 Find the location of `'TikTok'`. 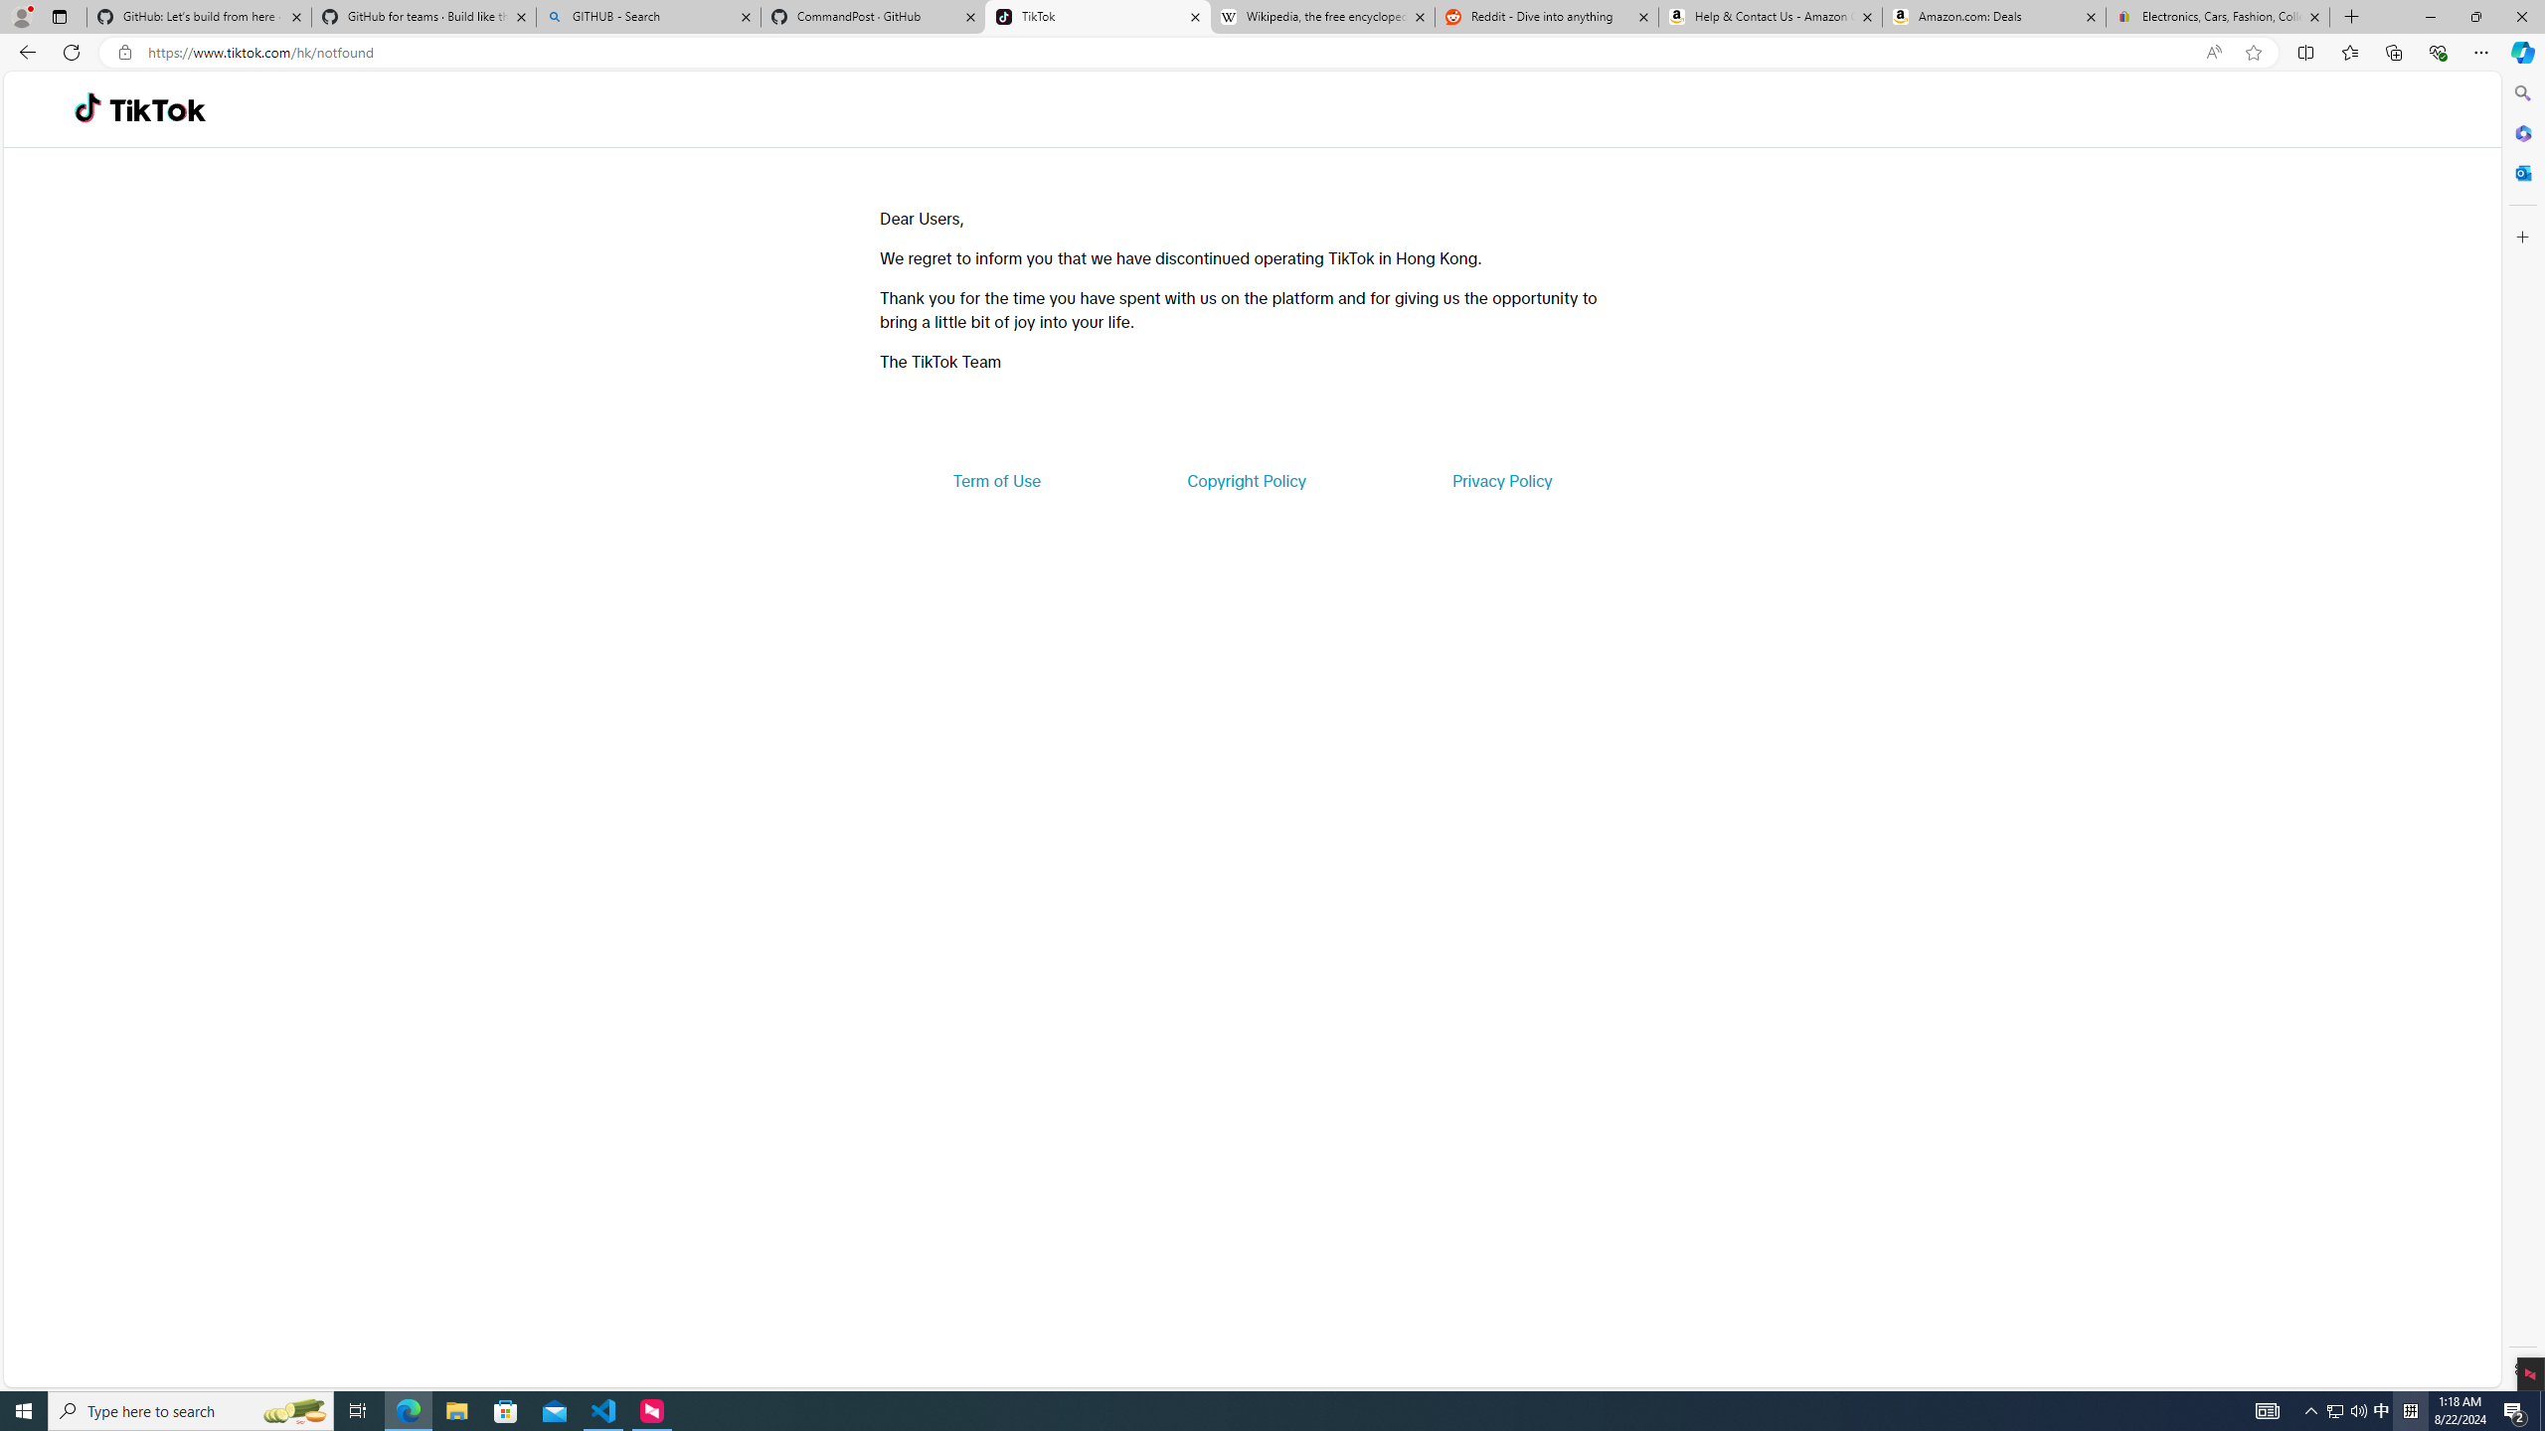

'TikTok' is located at coordinates (157, 109).